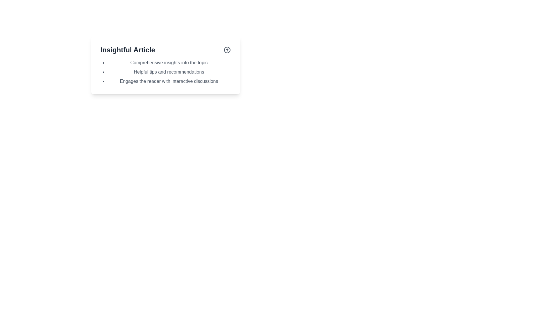 The width and height of the screenshot is (558, 314). What do you see at coordinates (169, 72) in the screenshot?
I see `the second bulleted list item under the section 'Insightful Article', which provides helpful tips and recommendations` at bounding box center [169, 72].